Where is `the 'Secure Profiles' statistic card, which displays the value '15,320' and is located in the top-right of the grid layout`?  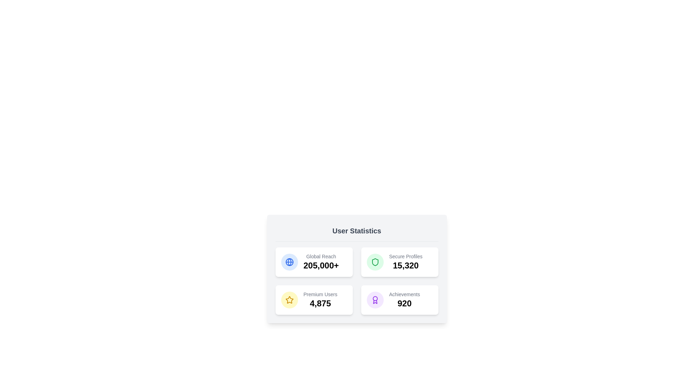 the 'Secure Profiles' statistic card, which displays the value '15,320' and is located in the top-right of the grid layout is located at coordinates (399, 262).